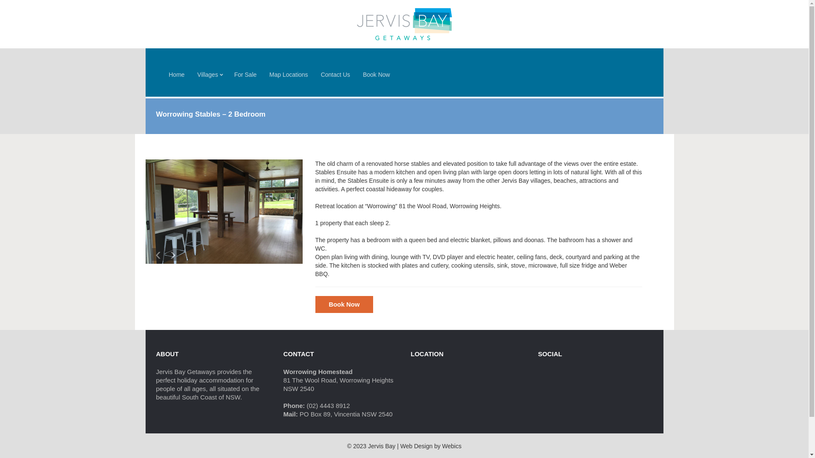  Describe the element at coordinates (376, 74) in the screenshot. I see `'Book Now'` at that location.